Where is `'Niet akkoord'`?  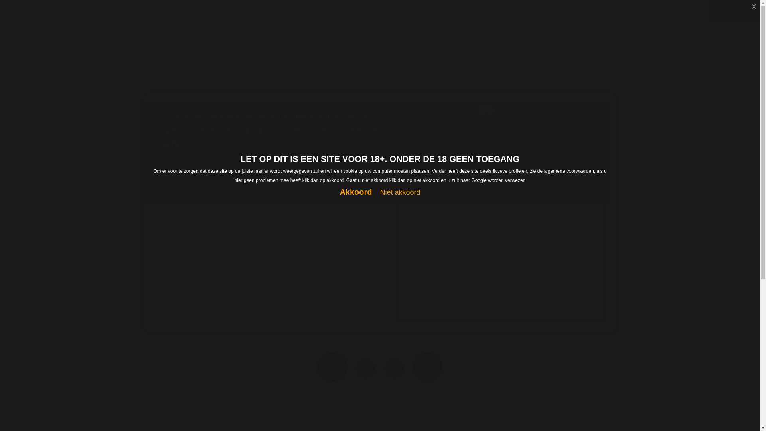
'Niet akkoord' is located at coordinates (400, 192).